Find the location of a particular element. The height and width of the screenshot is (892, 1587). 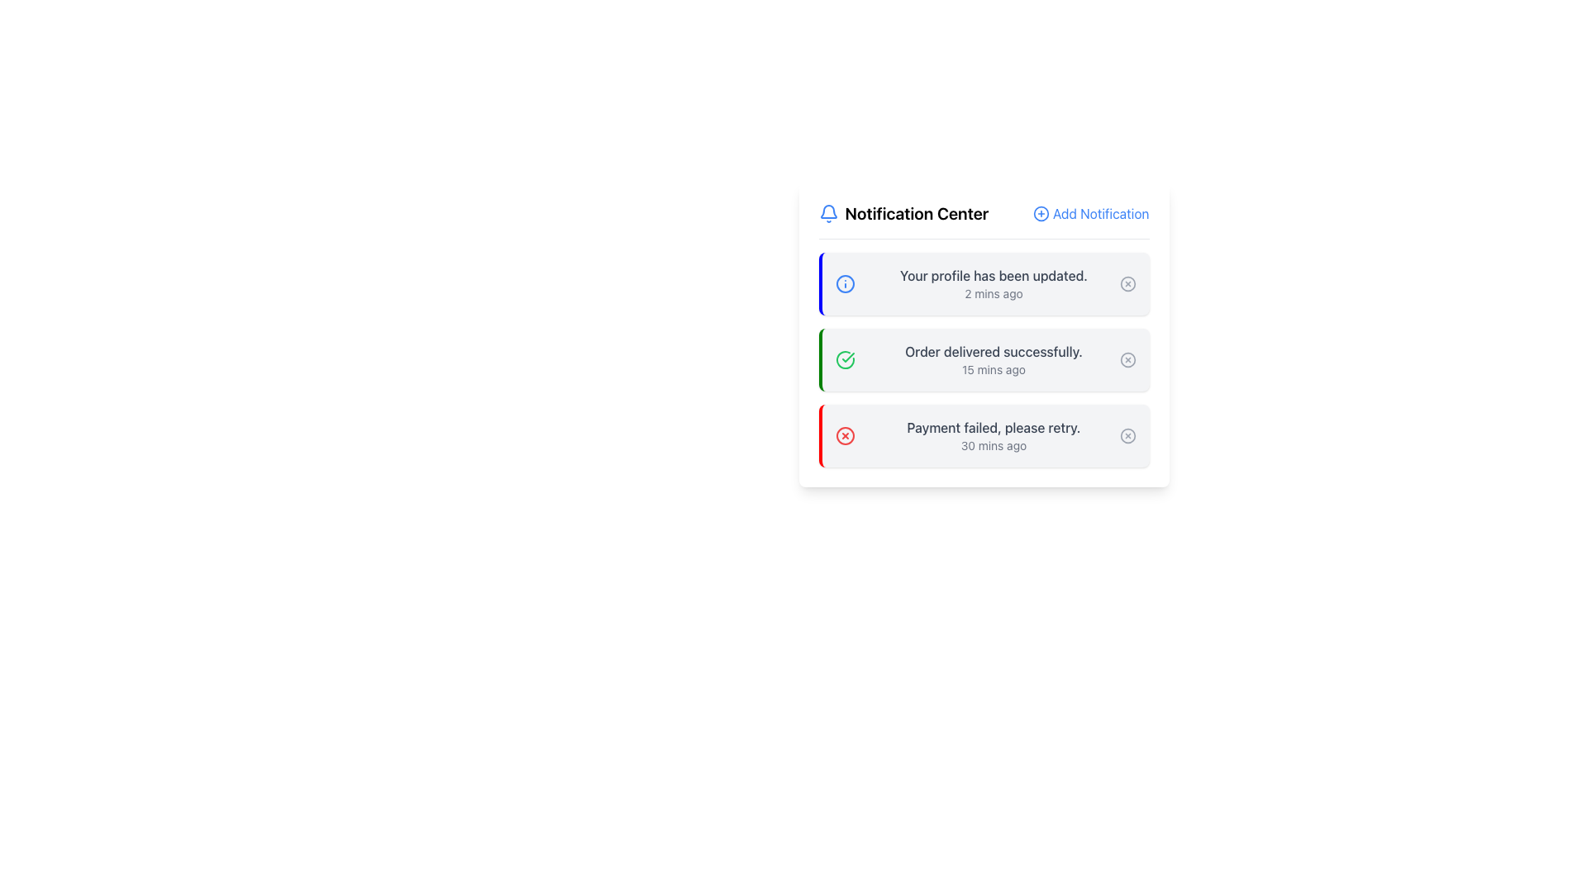

text label displaying '2 mins ago' that is positioned below the notification message 'Your profile has been updated.' in the Notification Center is located at coordinates (993, 292).